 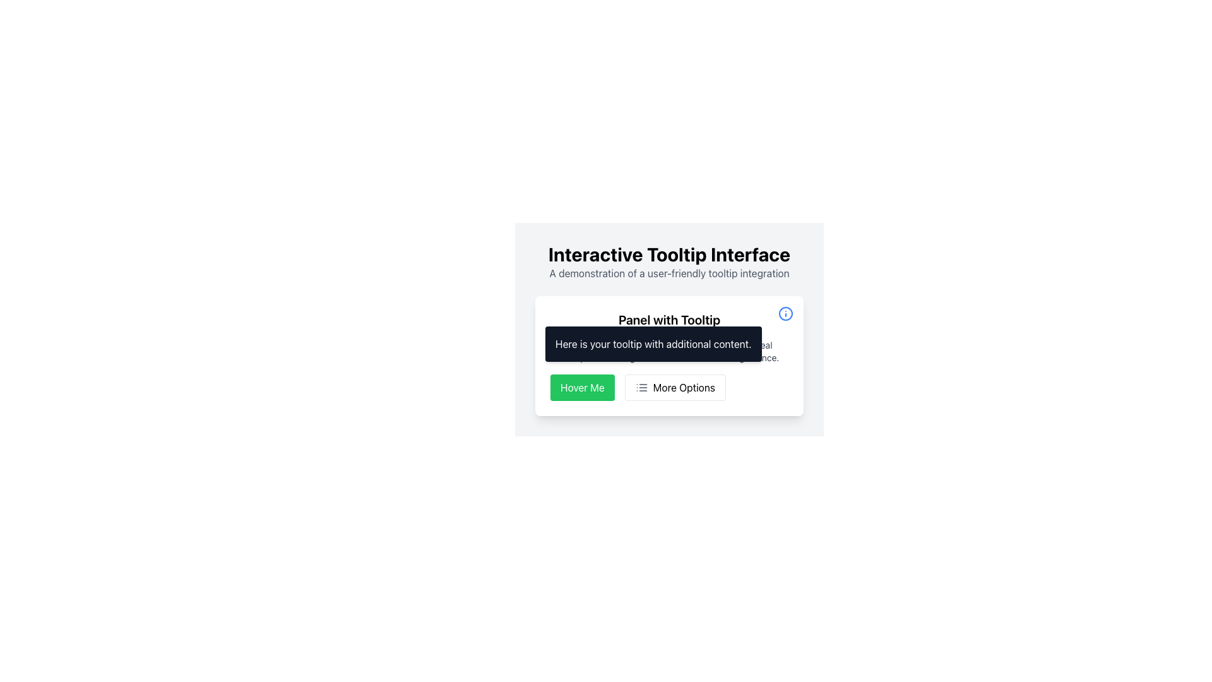 What do you see at coordinates (581, 386) in the screenshot?
I see `the green rectangular button labeled 'Hover Me'` at bounding box center [581, 386].